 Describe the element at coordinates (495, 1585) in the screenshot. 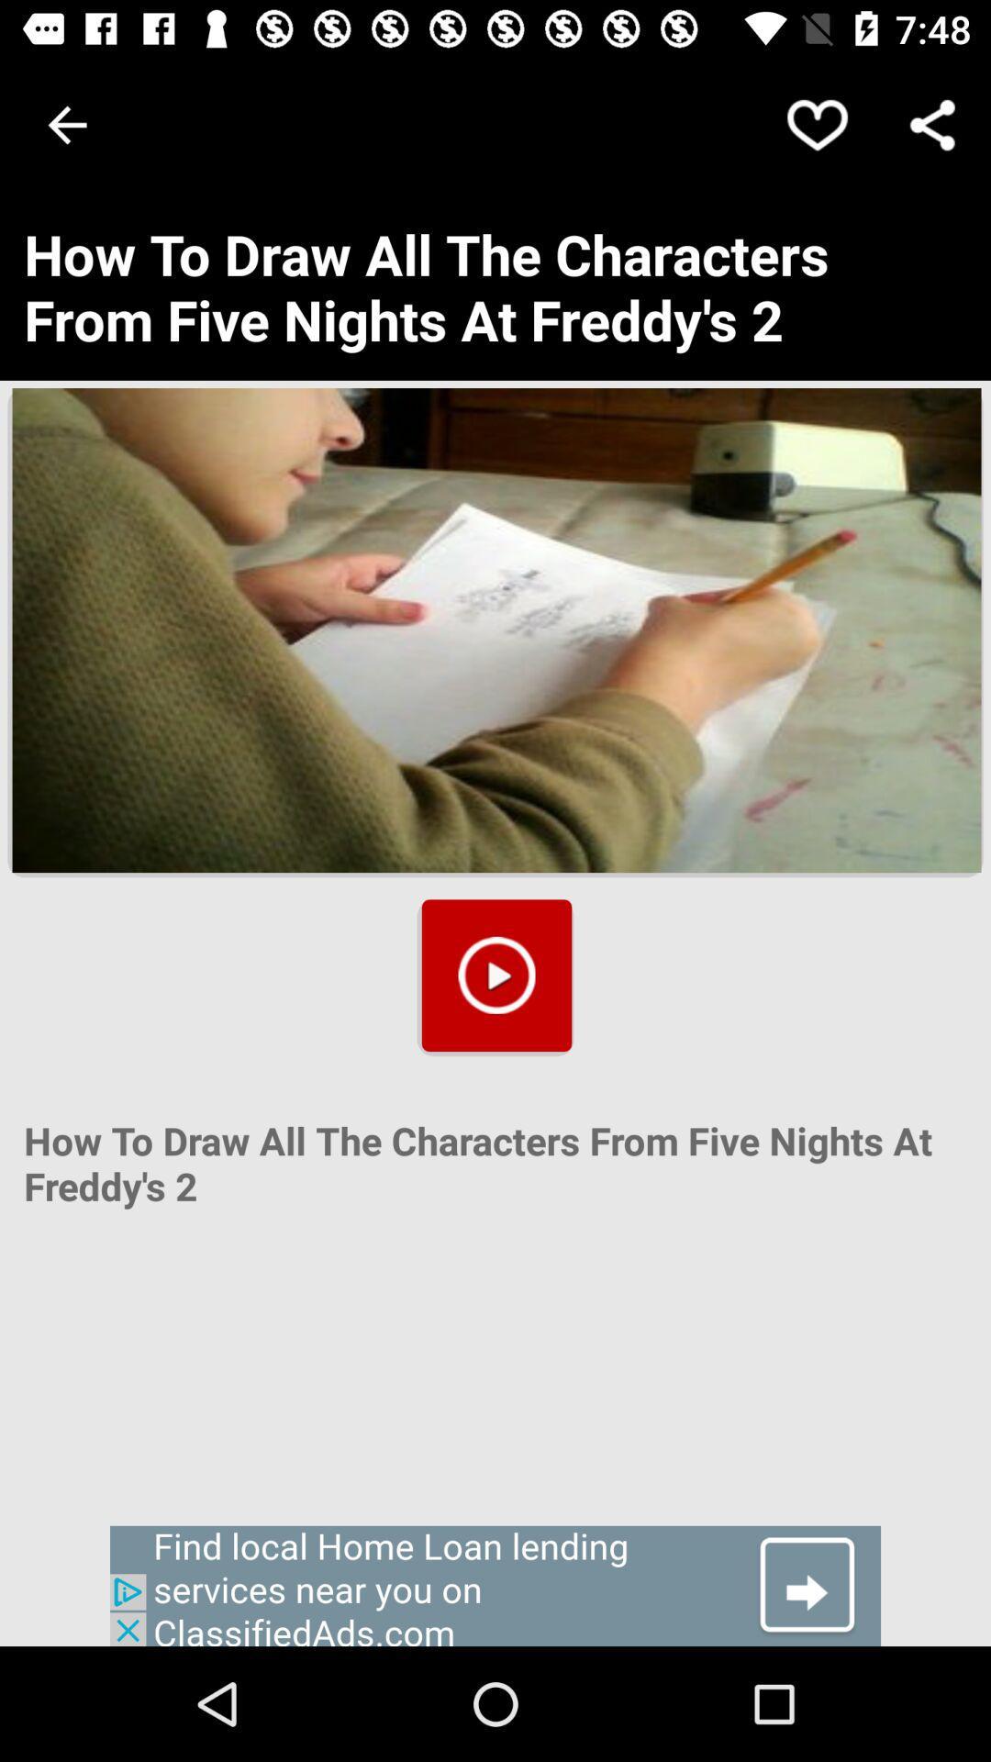

I see `open advertisement` at that location.